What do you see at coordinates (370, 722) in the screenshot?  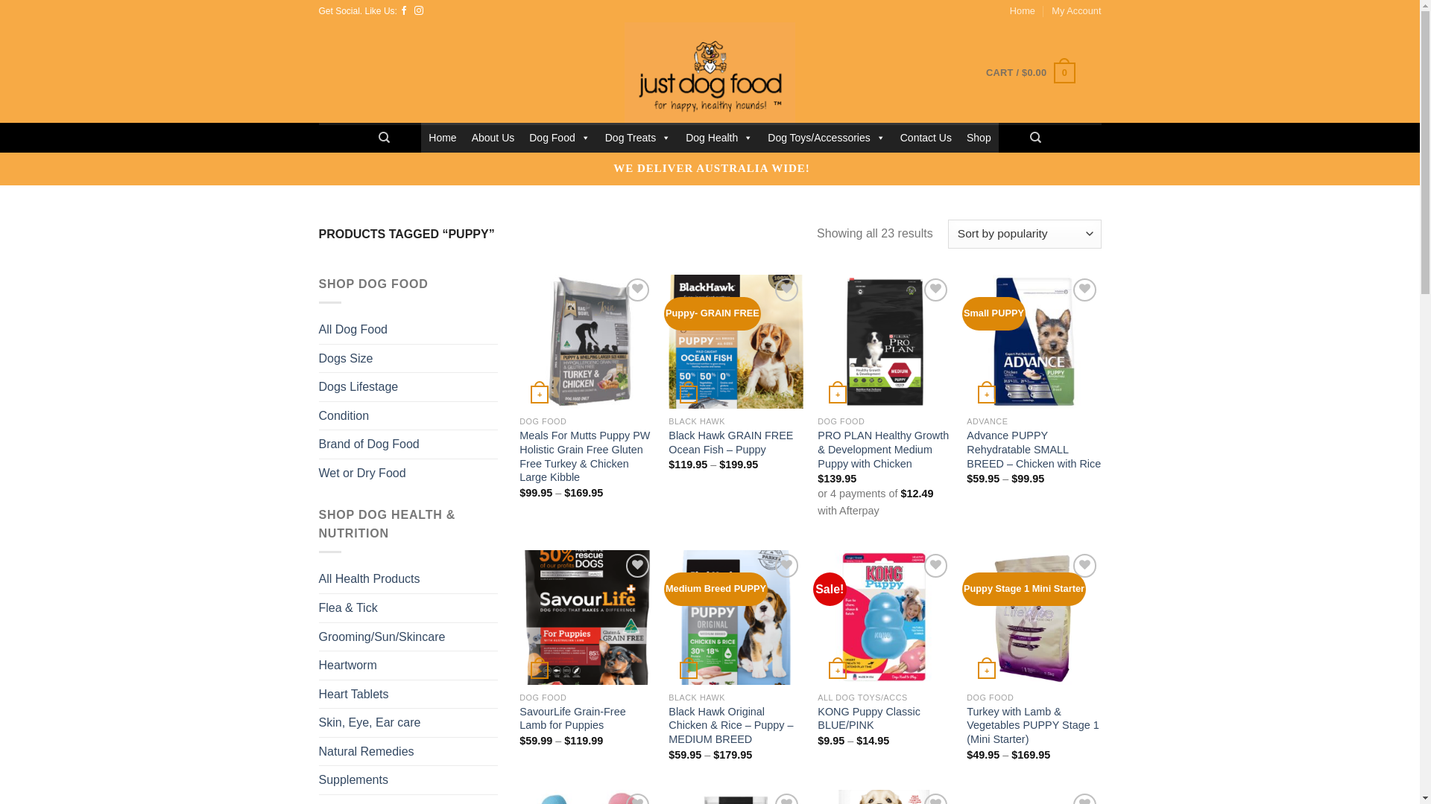 I see `'Skin, Eye, Ear care'` at bounding box center [370, 722].